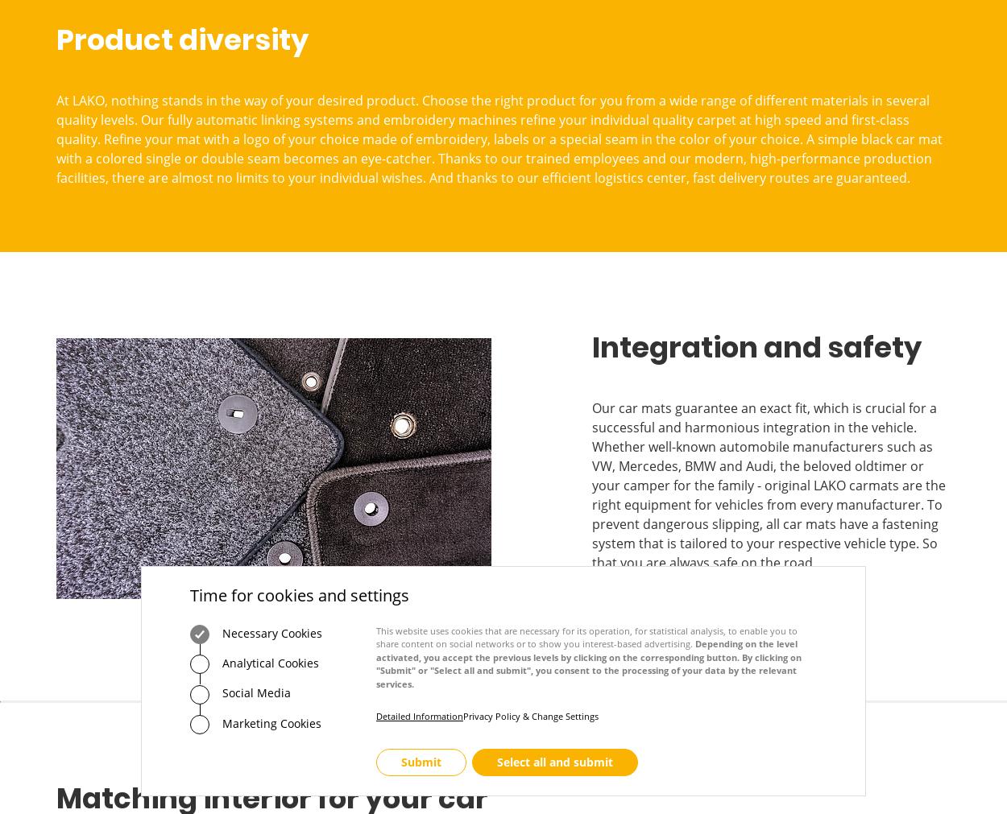 This screenshot has height=814, width=1007. Describe the element at coordinates (270, 631) in the screenshot. I see `'Necessary Cookies'` at that location.